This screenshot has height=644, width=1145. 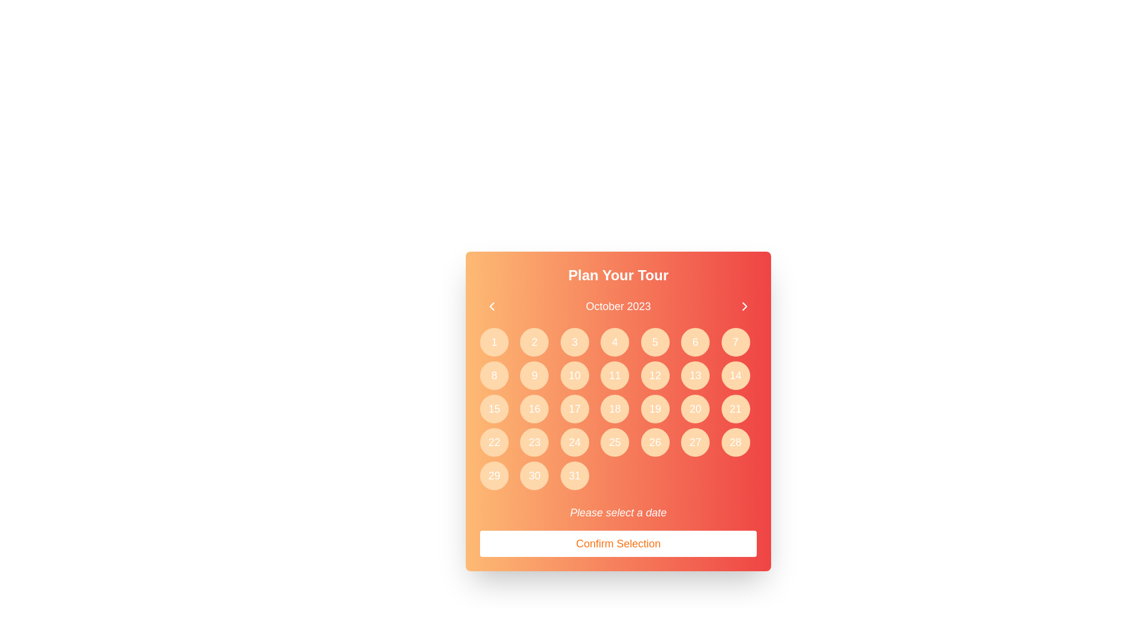 I want to click on the calendar date button representing the 31st, located at the bottom-right of the grid layout, so click(x=574, y=475).